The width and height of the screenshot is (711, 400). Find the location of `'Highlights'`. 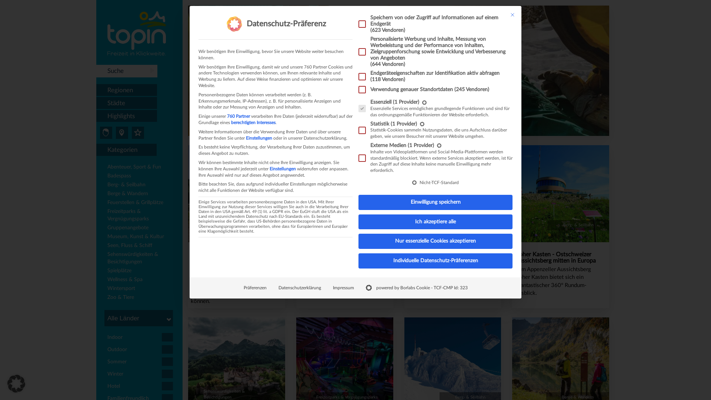

'Highlights' is located at coordinates (96, 116).